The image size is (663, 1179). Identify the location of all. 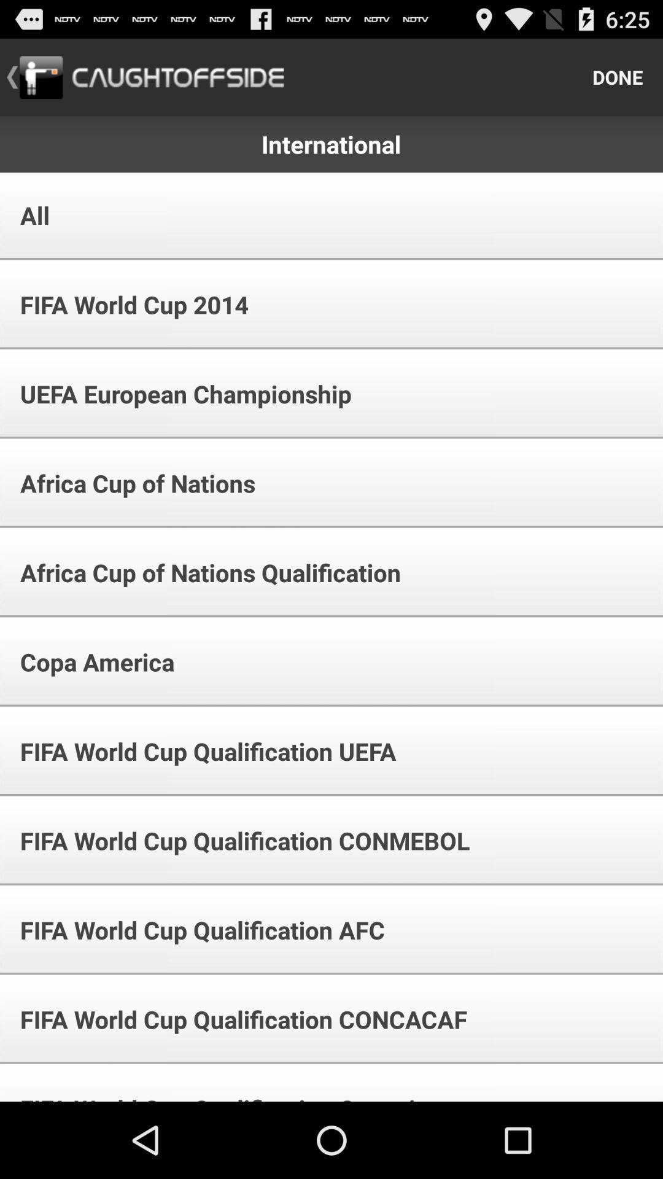
(26, 215).